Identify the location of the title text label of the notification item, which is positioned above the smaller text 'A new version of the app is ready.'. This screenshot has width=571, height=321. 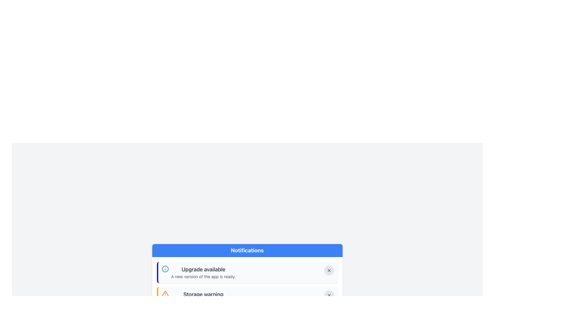
(203, 269).